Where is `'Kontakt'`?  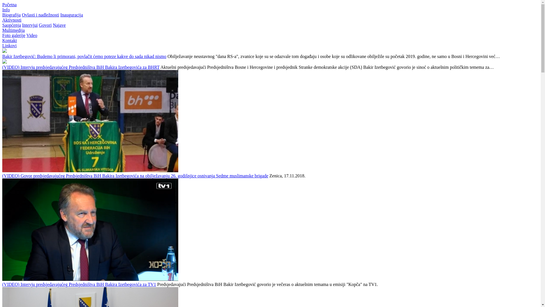
'Kontakt' is located at coordinates (9, 40).